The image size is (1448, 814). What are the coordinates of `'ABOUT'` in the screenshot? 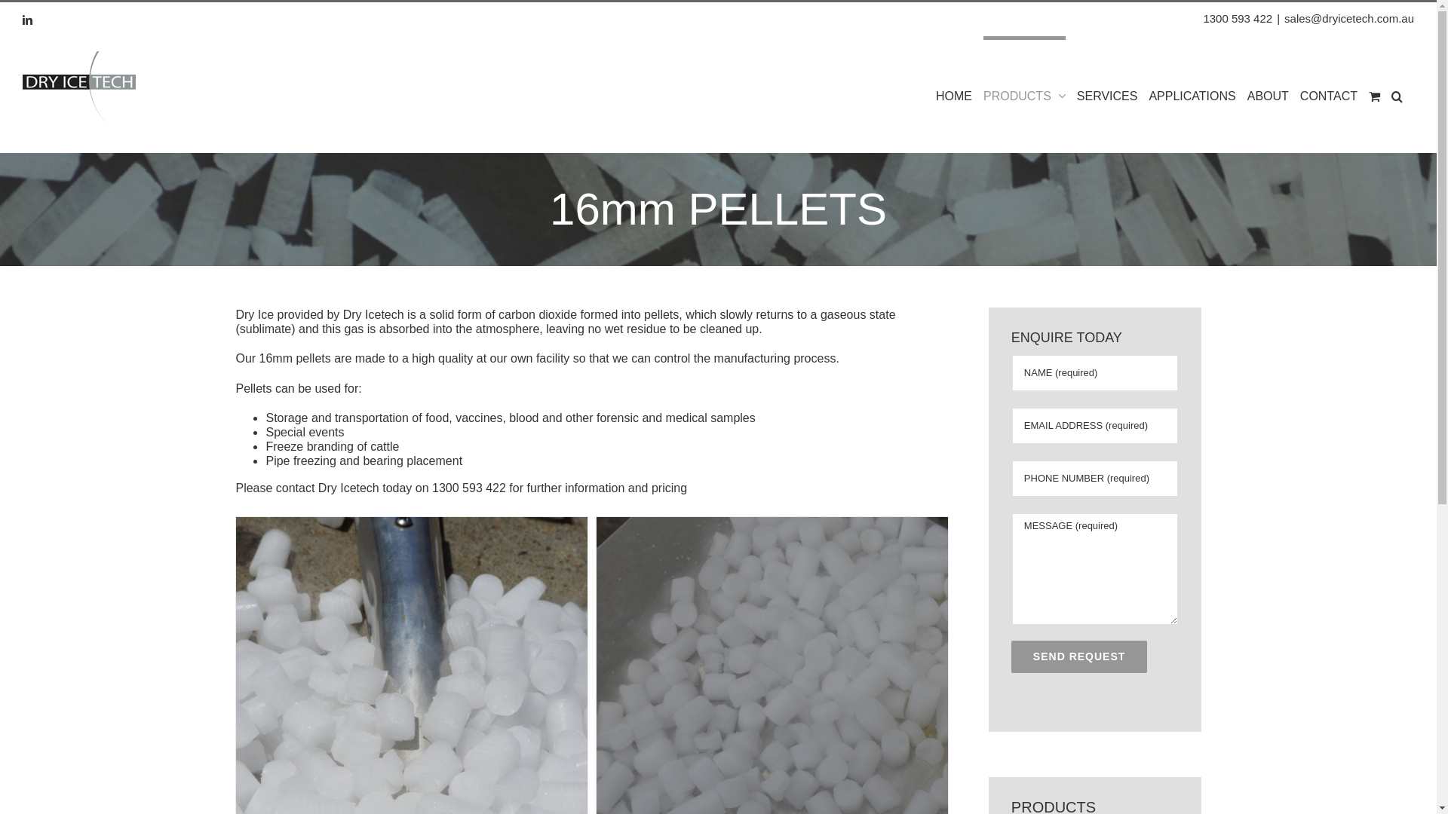 It's located at (1267, 93).